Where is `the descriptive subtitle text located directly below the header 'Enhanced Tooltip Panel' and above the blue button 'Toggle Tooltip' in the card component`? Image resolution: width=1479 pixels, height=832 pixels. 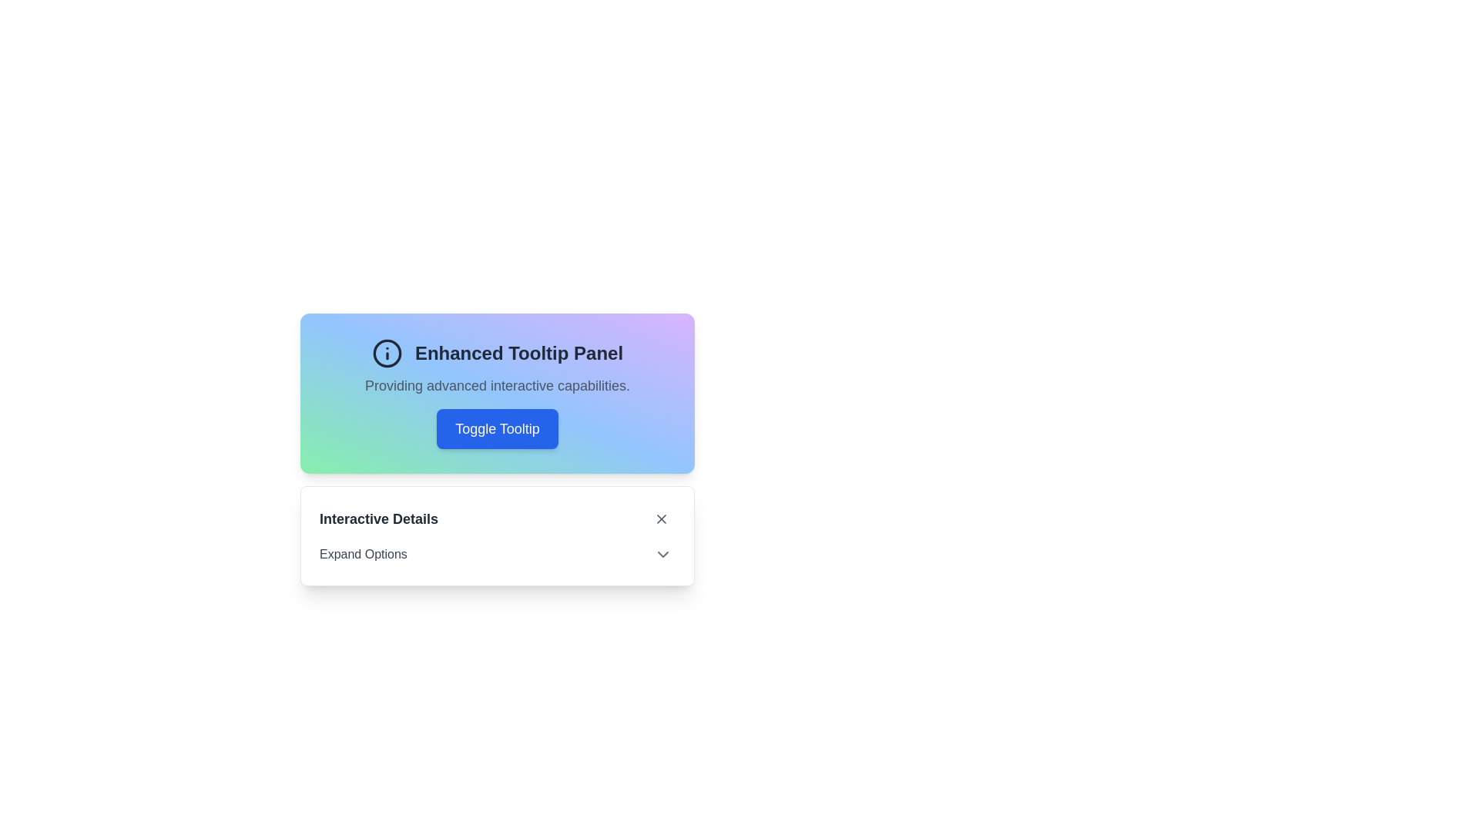 the descriptive subtitle text located directly below the header 'Enhanced Tooltip Panel' and above the blue button 'Toggle Tooltip' in the card component is located at coordinates (498, 385).